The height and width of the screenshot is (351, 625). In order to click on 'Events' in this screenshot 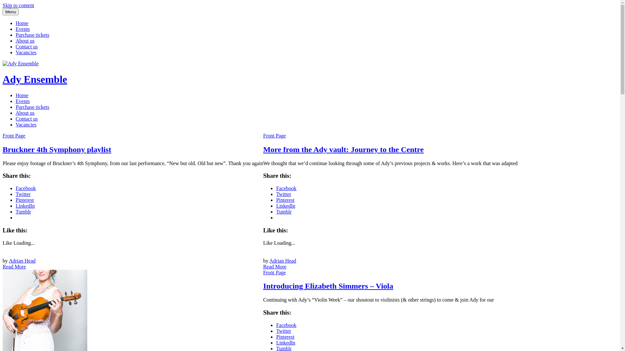, I will do `click(23, 29)`.